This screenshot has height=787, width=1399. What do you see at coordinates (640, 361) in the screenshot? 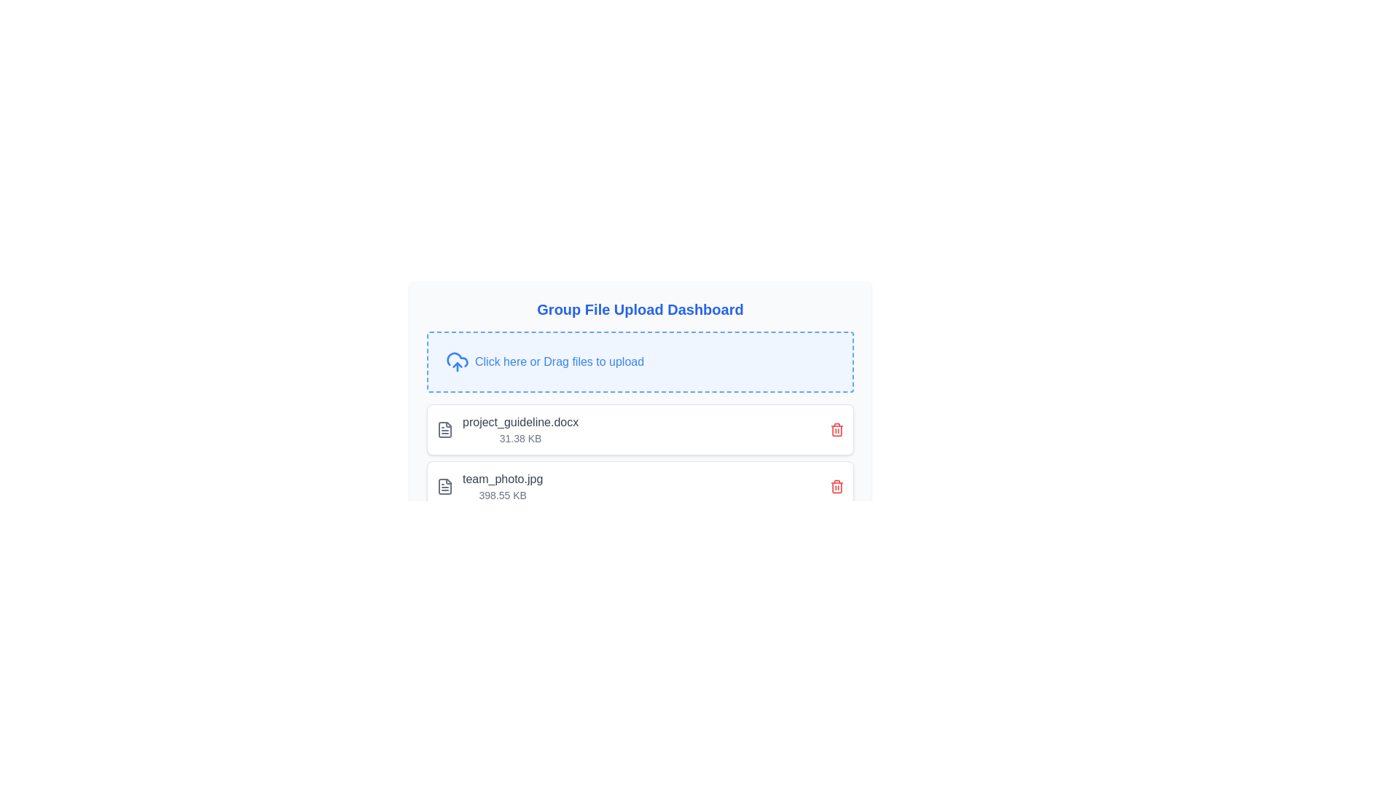
I see `the File Upload Area in the 'Group File Upload Dashboard'` at bounding box center [640, 361].